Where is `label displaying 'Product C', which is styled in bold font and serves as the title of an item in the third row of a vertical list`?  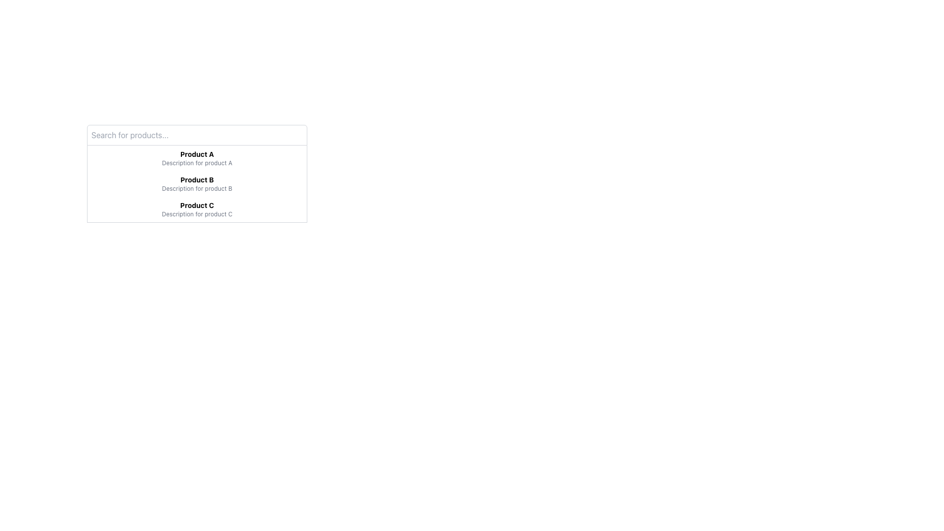 label displaying 'Product C', which is styled in bold font and serves as the title of an item in the third row of a vertical list is located at coordinates (197, 205).